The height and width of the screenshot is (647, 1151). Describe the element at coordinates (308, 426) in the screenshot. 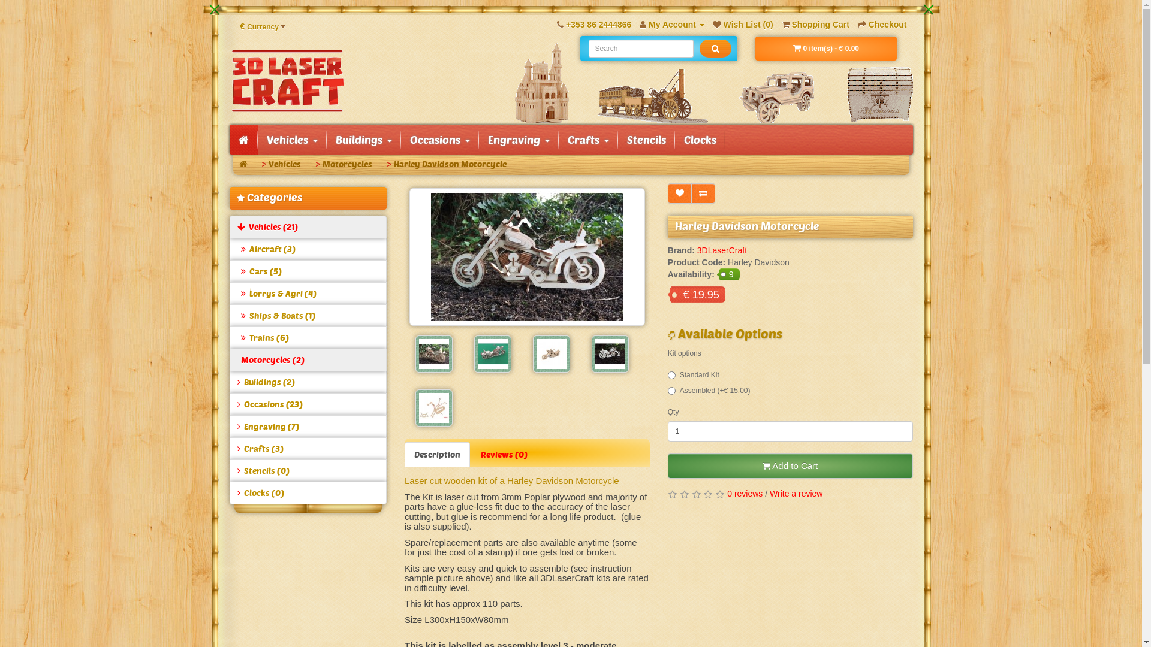

I see `'  Engraving (7)'` at that location.